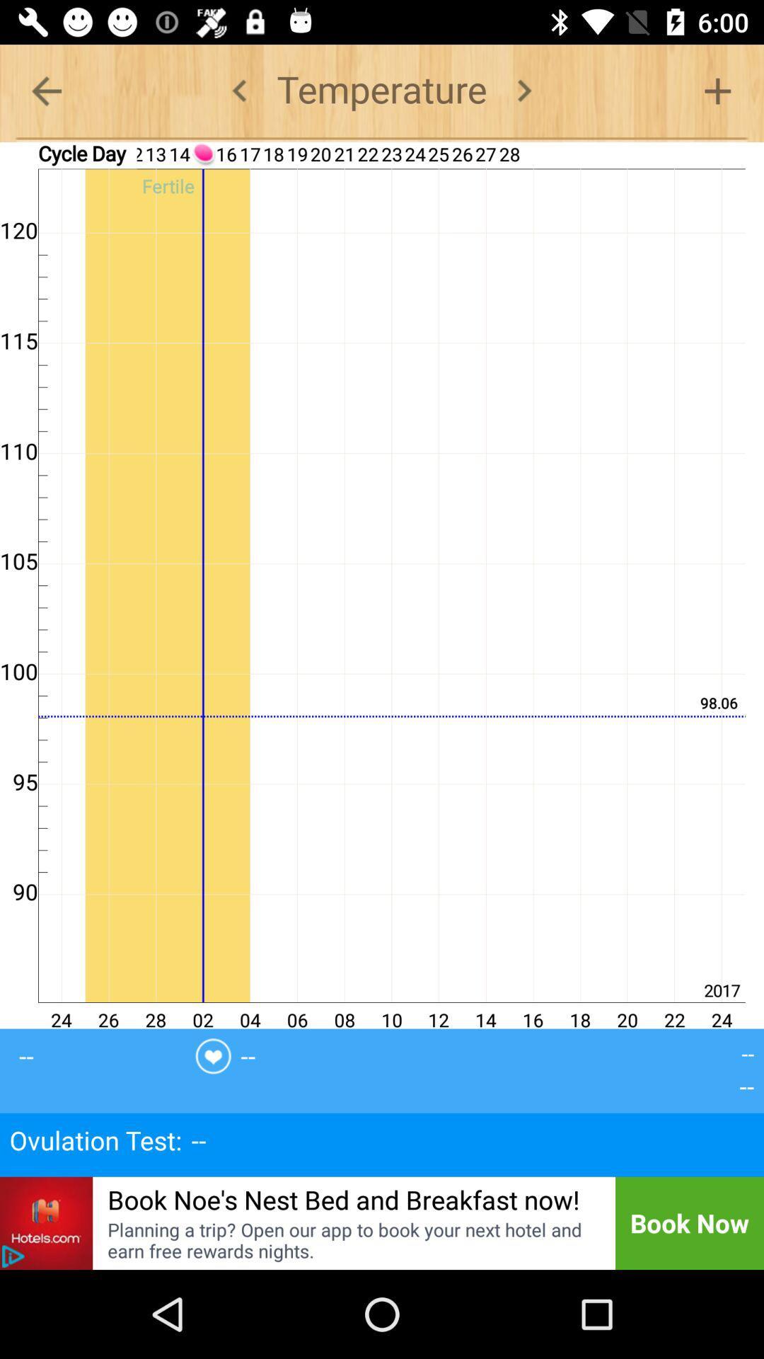 The image size is (764, 1359). What do you see at coordinates (344, 1198) in the screenshot?
I see `the icon below ovulation test icon` at bounding box center [344, 1198].